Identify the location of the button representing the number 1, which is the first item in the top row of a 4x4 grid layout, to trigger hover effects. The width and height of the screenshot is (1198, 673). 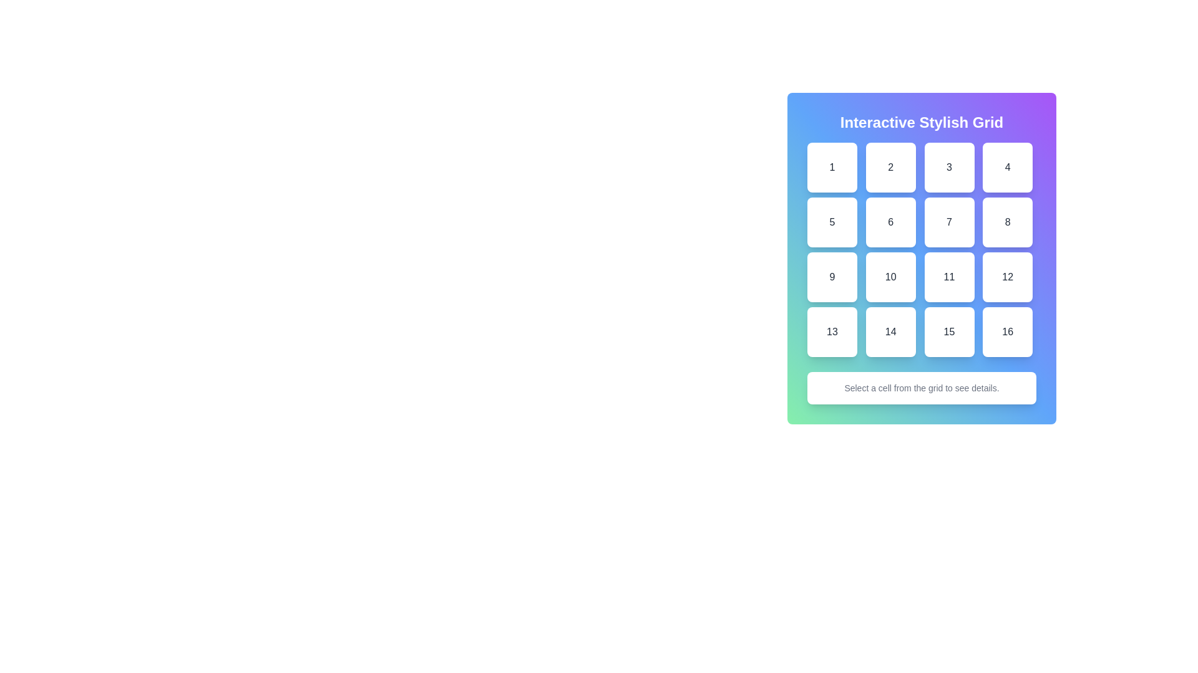
(832, 167).